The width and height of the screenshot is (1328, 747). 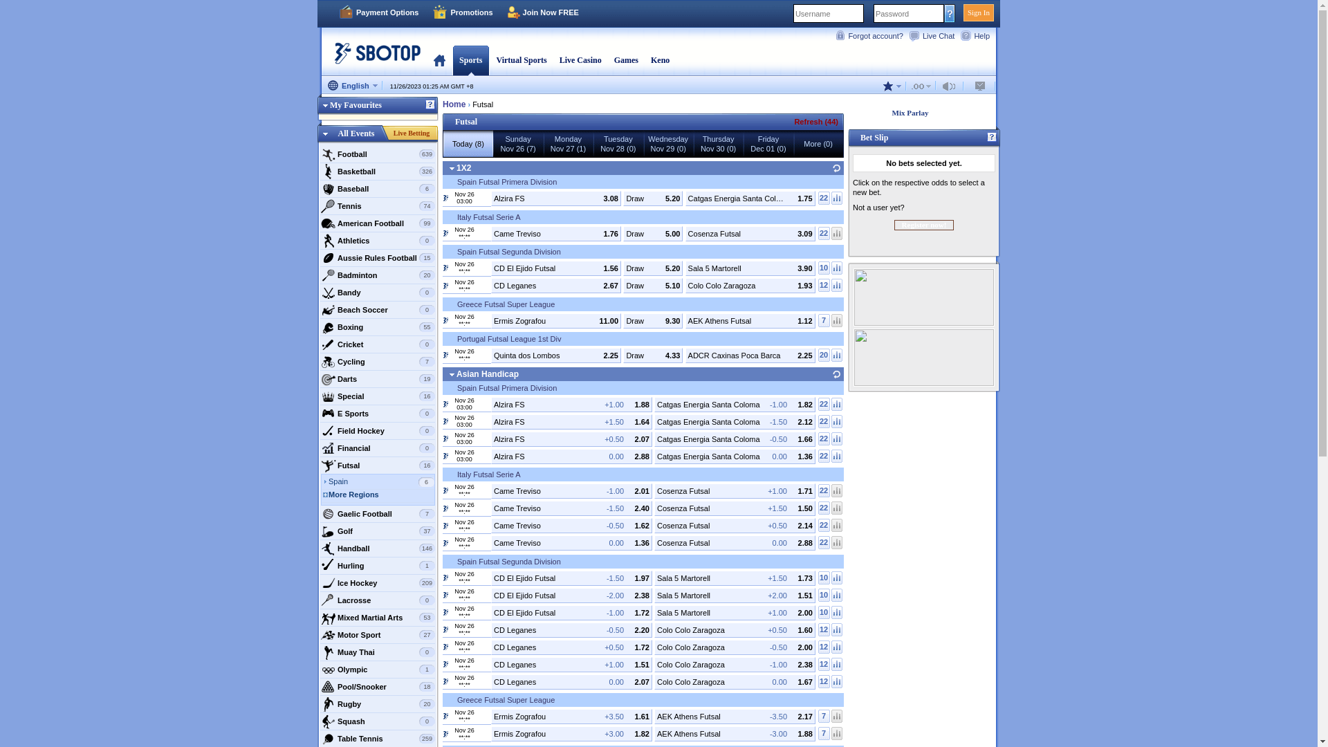 I want to click on '1.12, so click(x=749, y=320).